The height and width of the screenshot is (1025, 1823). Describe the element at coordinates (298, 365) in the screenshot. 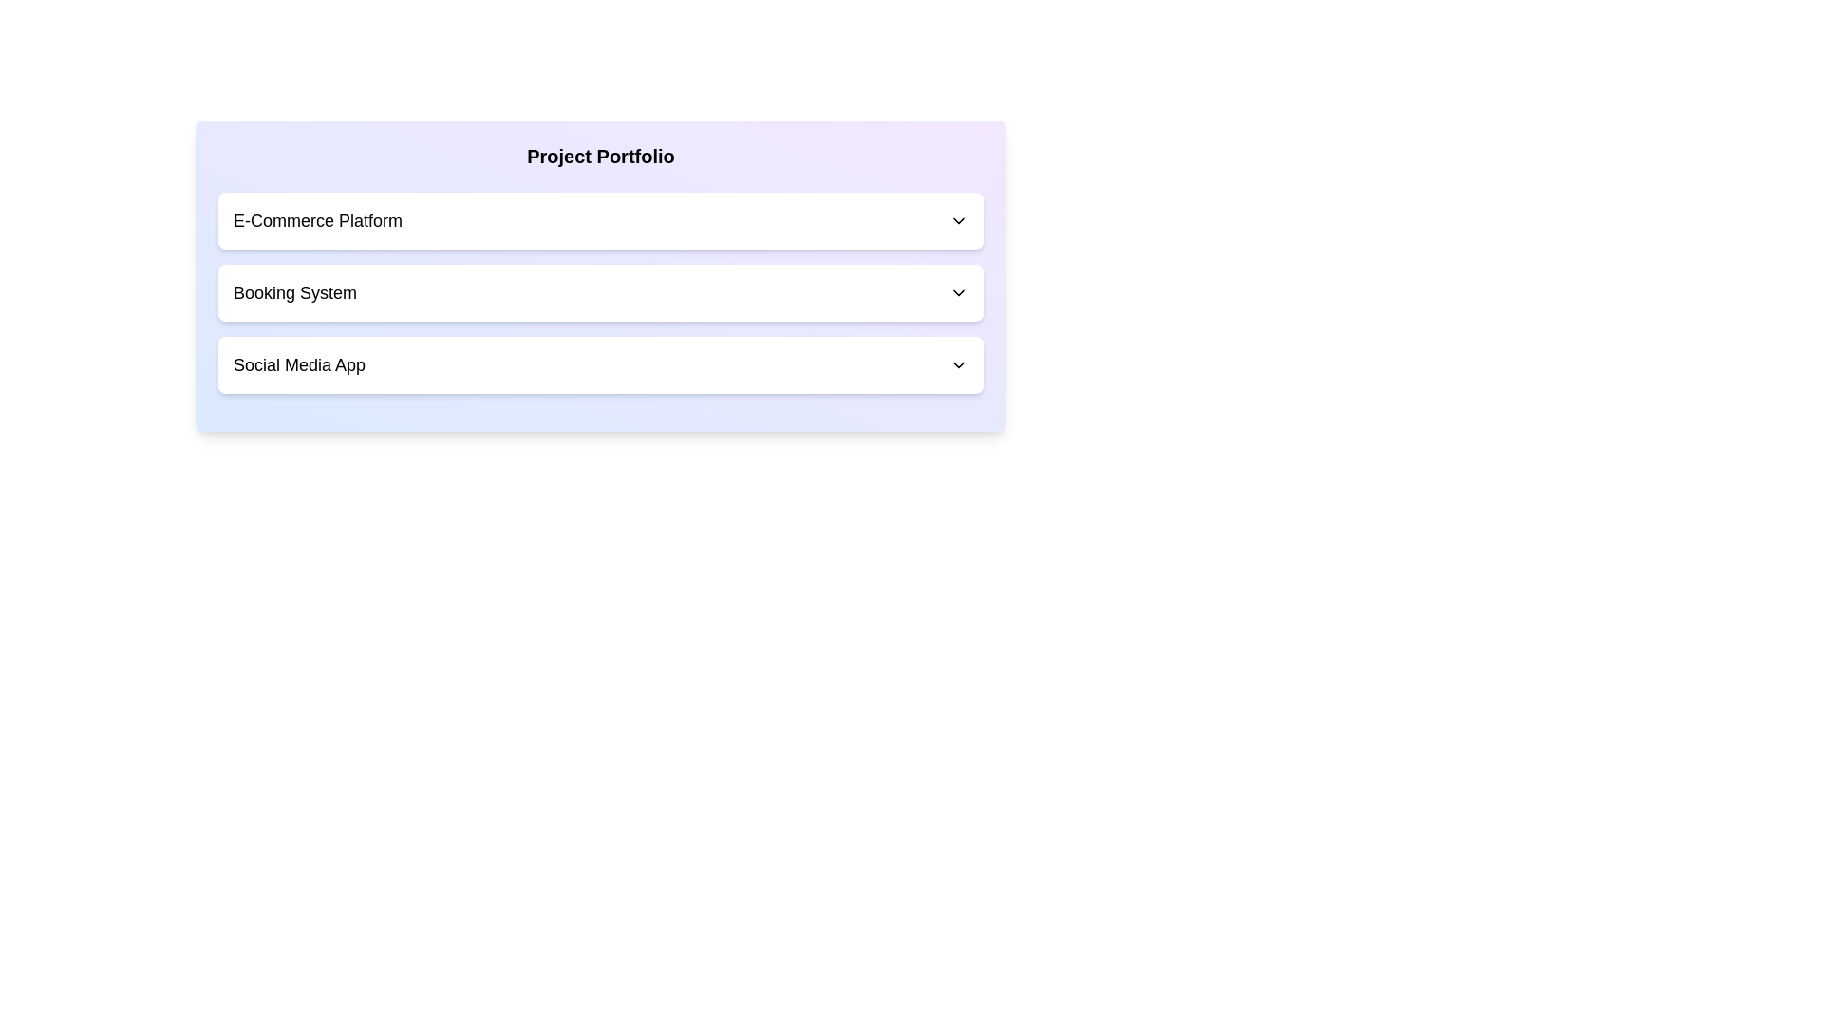

I see `the 'Social Media App' label, which is displayed in a standard sans-serif font on a white rectangular background, located in the third interactive section of the interface` at that location.